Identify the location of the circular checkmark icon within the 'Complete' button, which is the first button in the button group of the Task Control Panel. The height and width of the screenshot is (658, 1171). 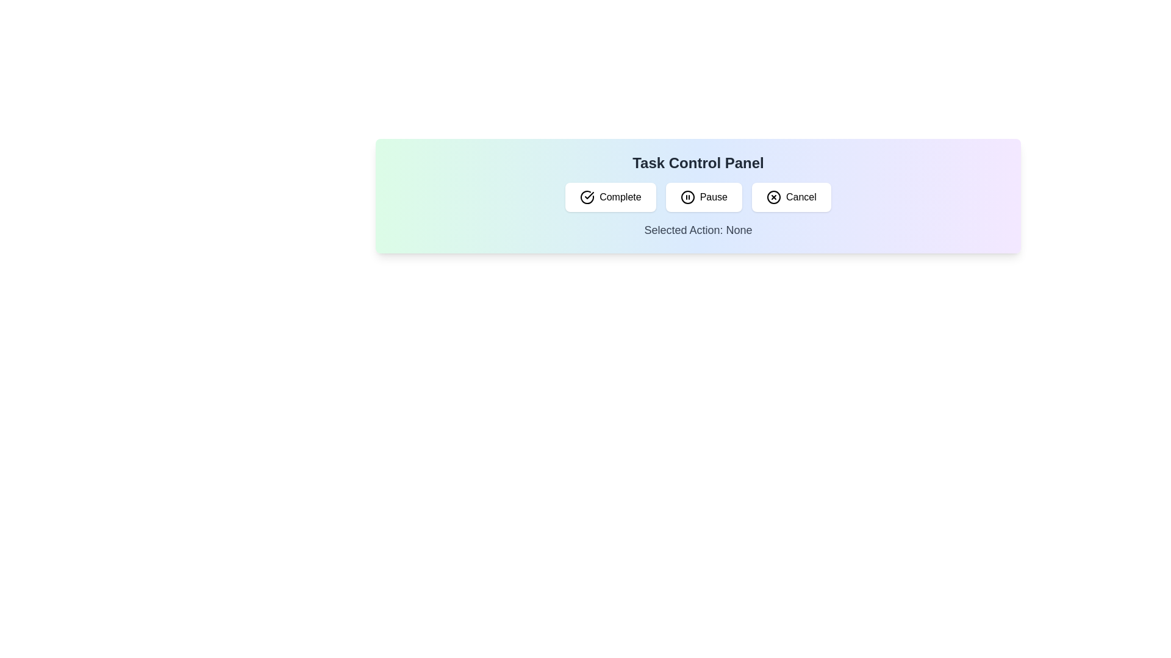
(587, 197).